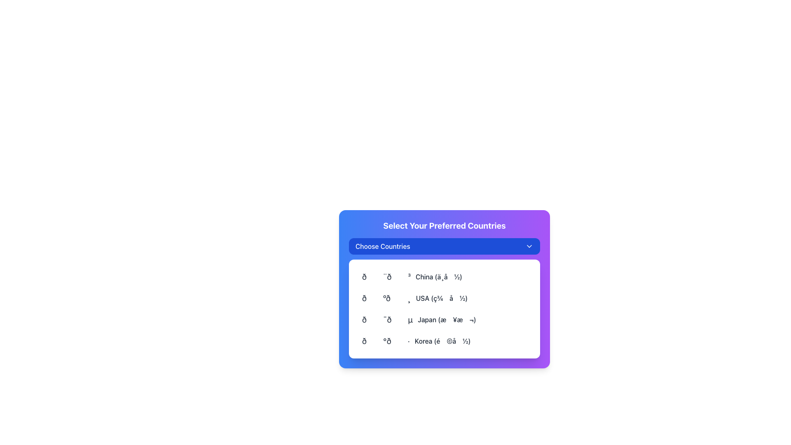 This screenshot has height=445, width=791. I want to click on the first country selector option, so click(412, 276).